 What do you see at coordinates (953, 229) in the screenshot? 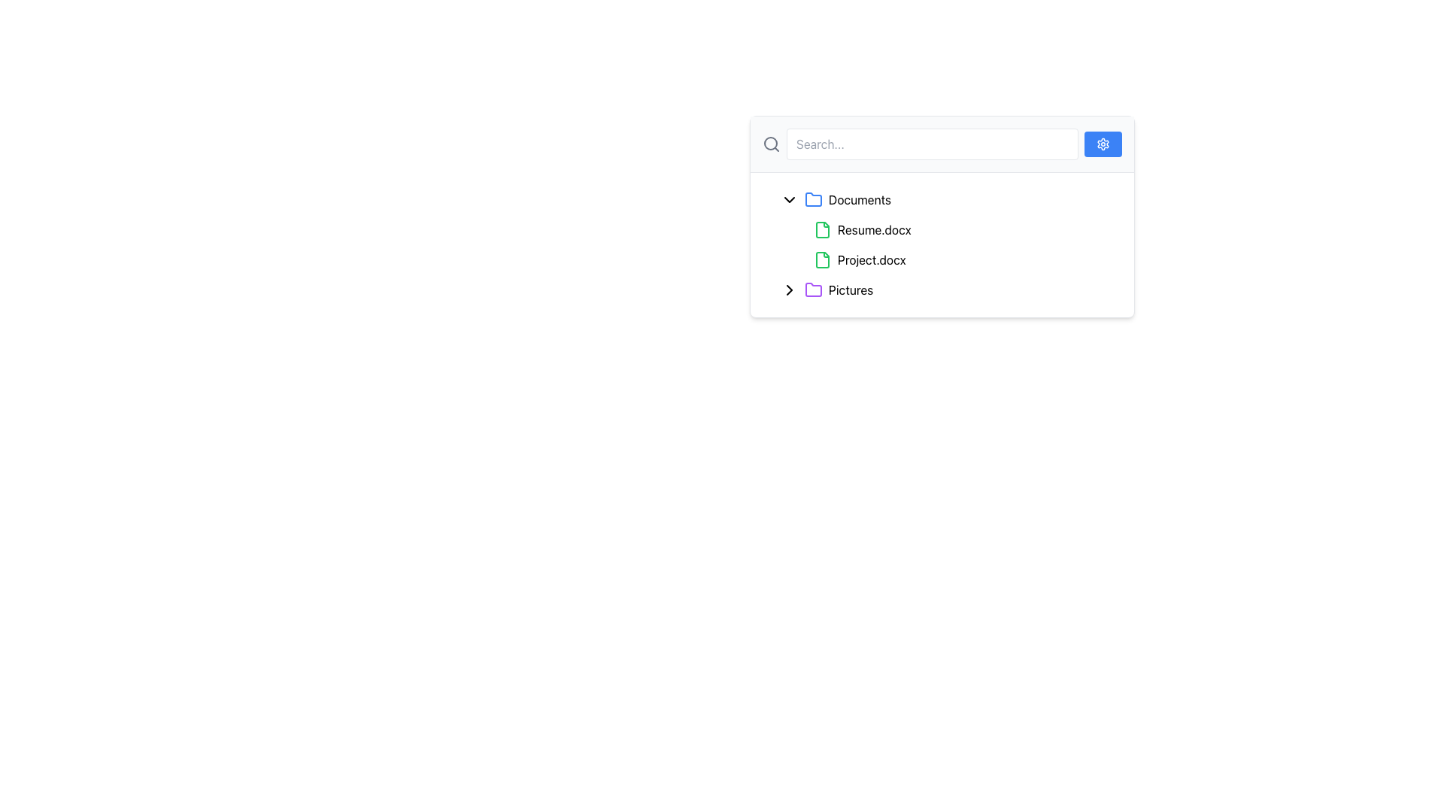
I see `the List item representing the file named 'Resume.docx' in the file explorer` at bounding box center [953, 229].